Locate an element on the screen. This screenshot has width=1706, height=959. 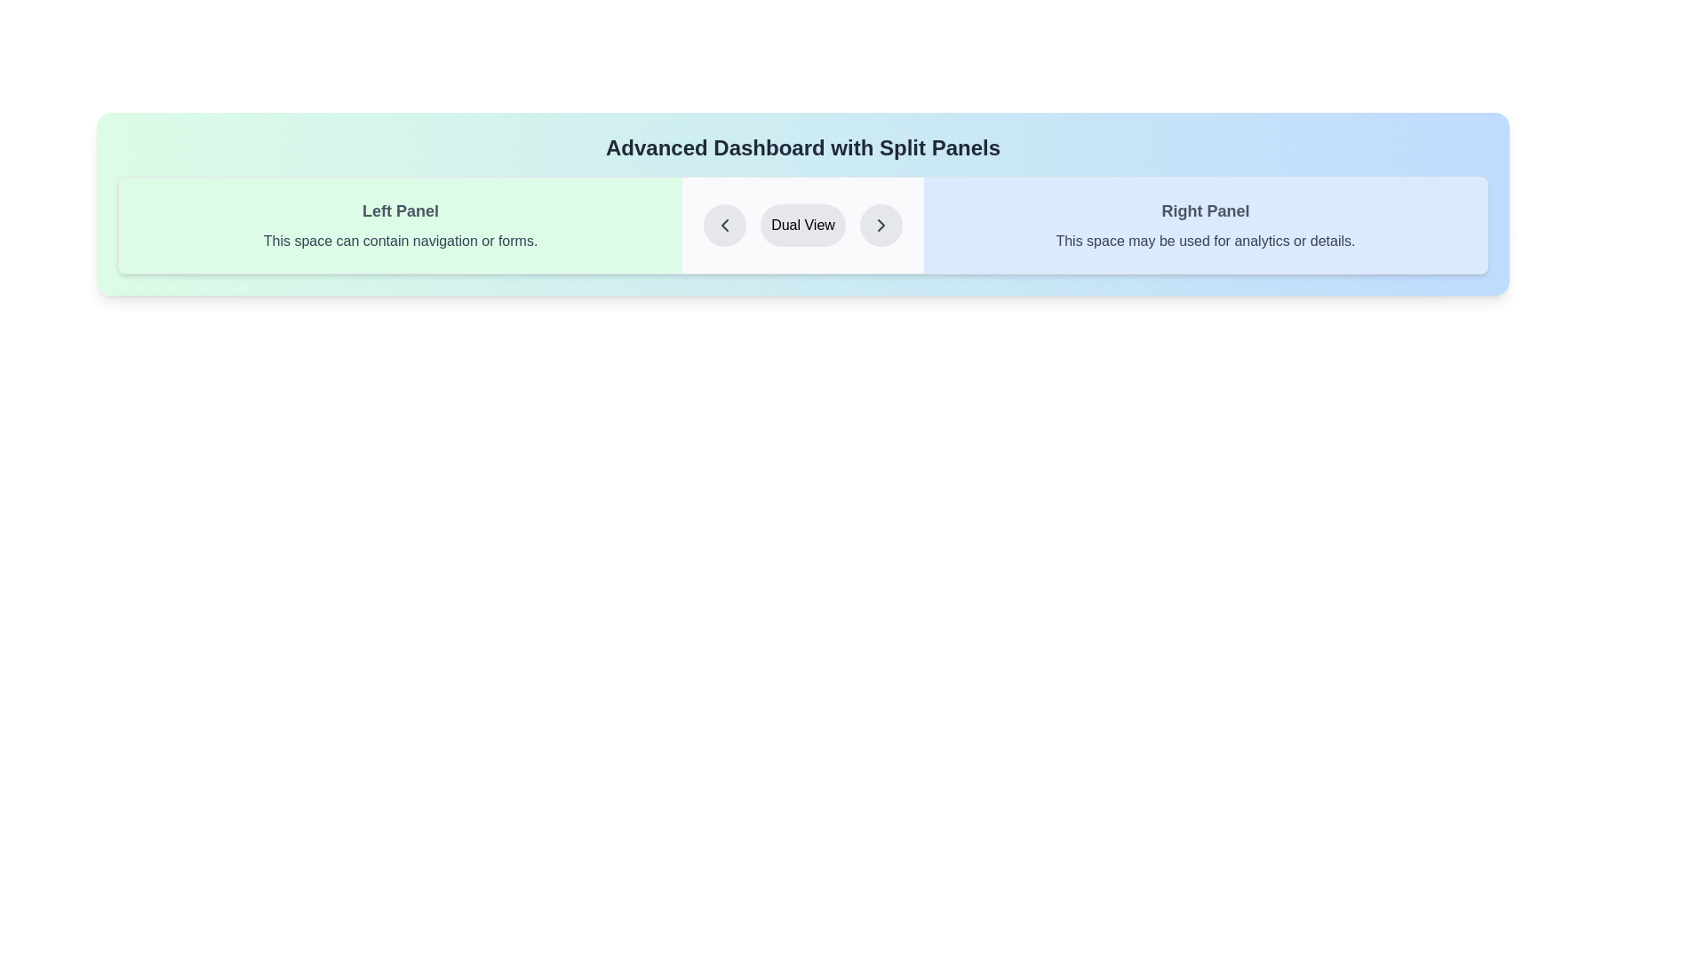
the rightmost icon button in the control panel that serves as a navigation control to move to the next view or panel is located at coordinates (881, 225).